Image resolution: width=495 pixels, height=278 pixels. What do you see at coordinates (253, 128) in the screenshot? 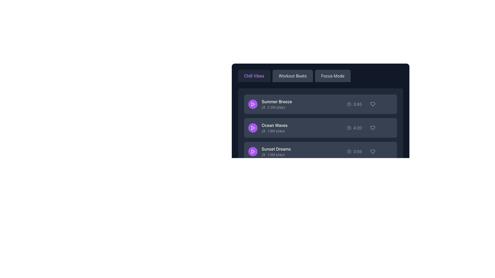
I see `the play button located in the second row of the playlist interface, to the left of the text 'Ocean Waves', to initiate playback for the track titled 'Ocean Waves'` at bounding box center [253, 128].